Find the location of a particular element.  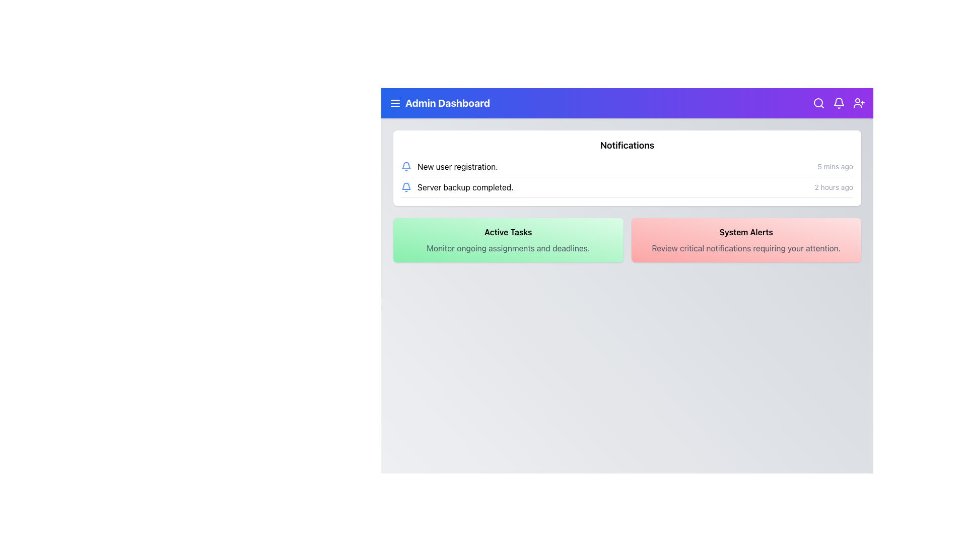

the text label displaying 'Server backup completed.' which is located next to the blue notification bell icon in the notifications list is located at coordinates (465, 187).